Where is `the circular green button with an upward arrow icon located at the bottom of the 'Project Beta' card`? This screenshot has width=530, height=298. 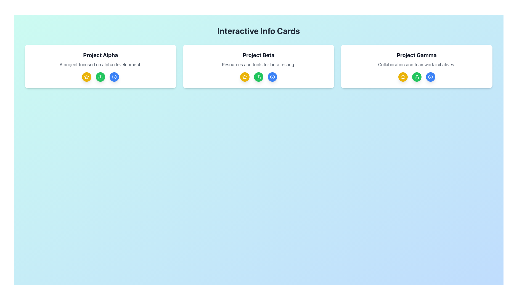
the circular green button with an upward arrow icon located at the bottom of the 'Project Beta' card is located at coordinates (258, 77).